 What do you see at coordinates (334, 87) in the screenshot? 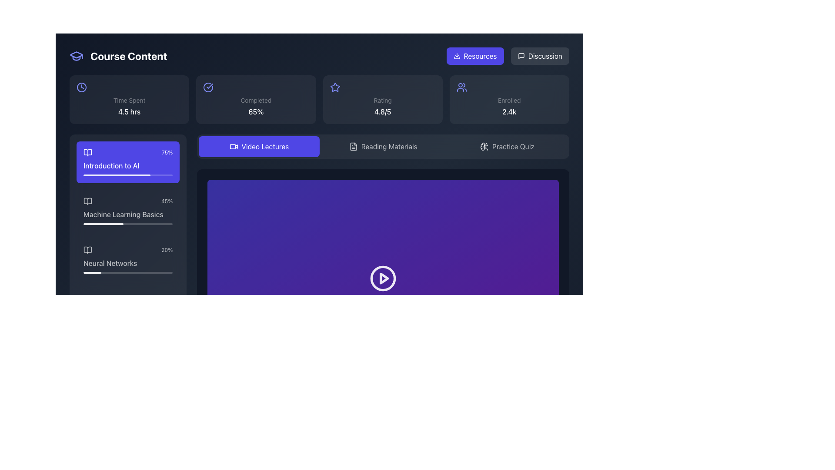
I see `the star icon represented as an SVG graphic with the class 'lucide-star', which visually indicates a rating of '4.8/5'` at bounding box center [334, 87].